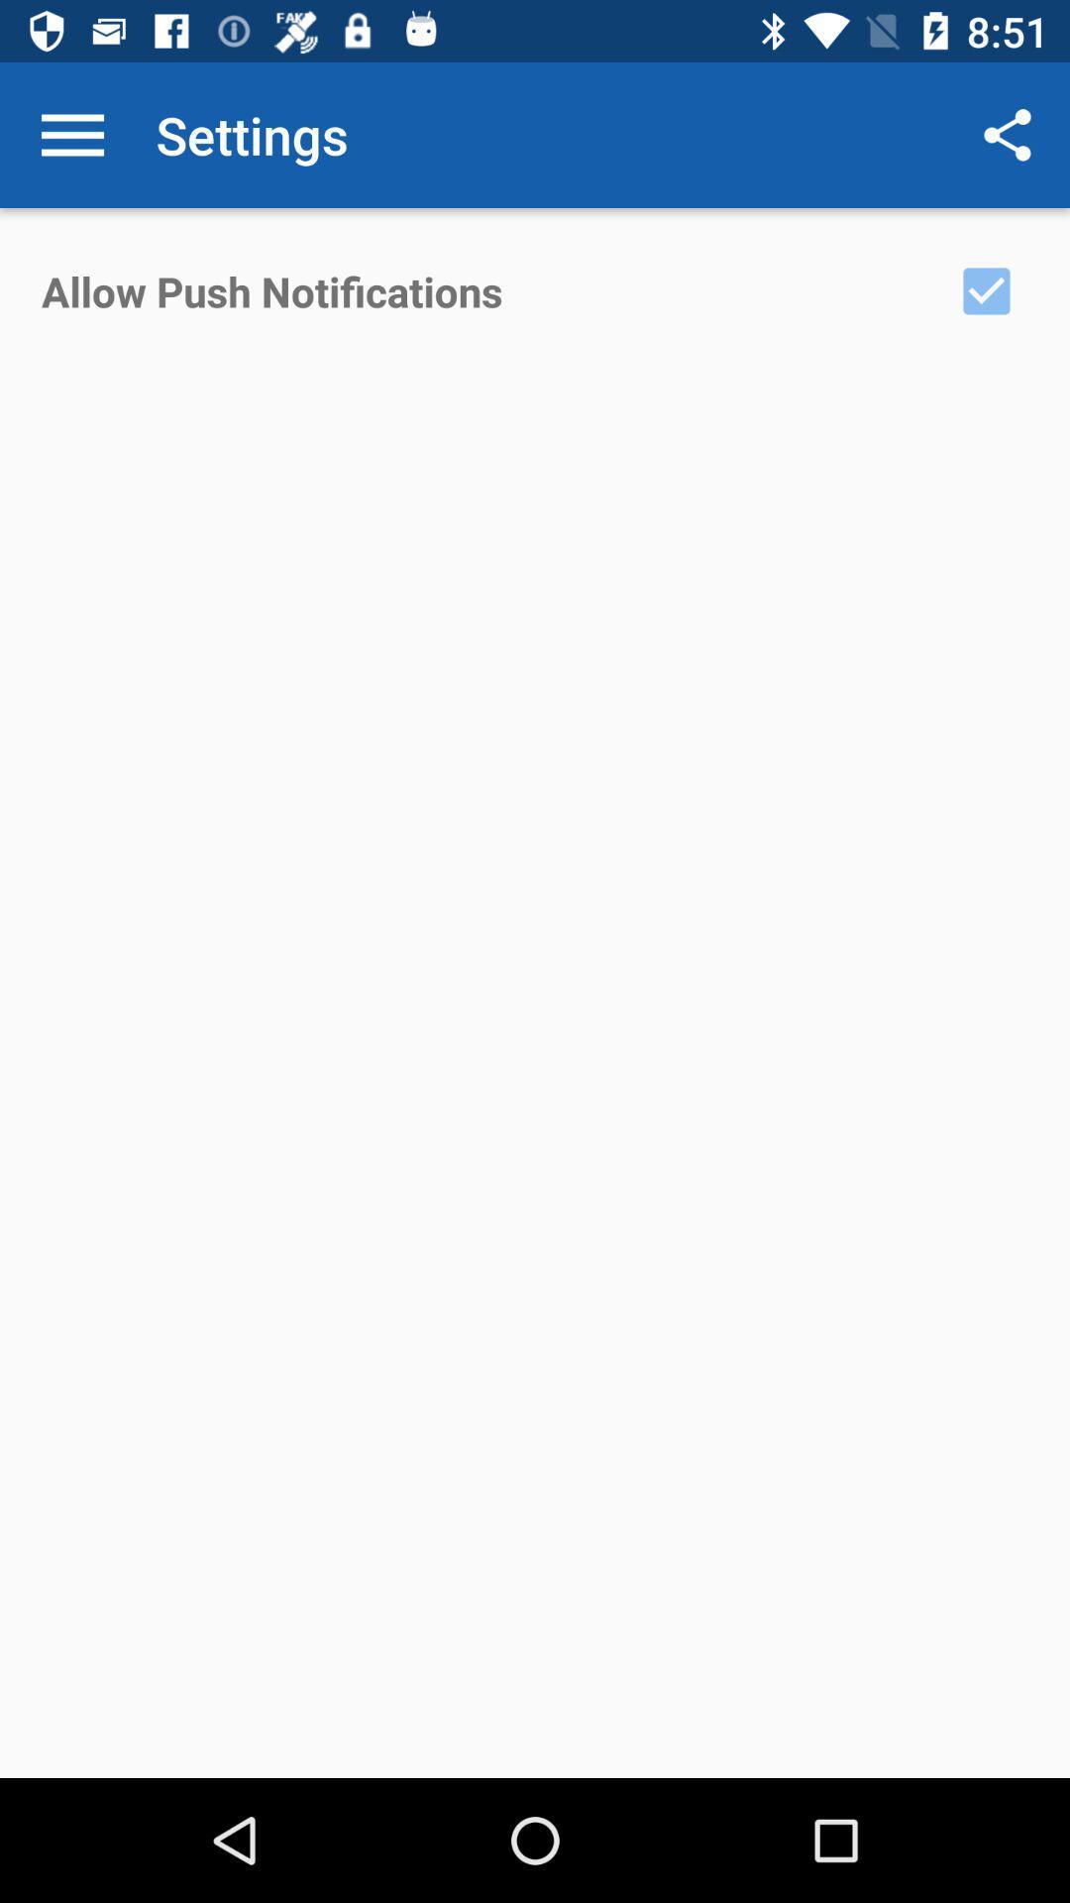  What do you see at coordinates (986, 289) in the screenshot?
I see `notification allow button` at bounding box center [986, 289].